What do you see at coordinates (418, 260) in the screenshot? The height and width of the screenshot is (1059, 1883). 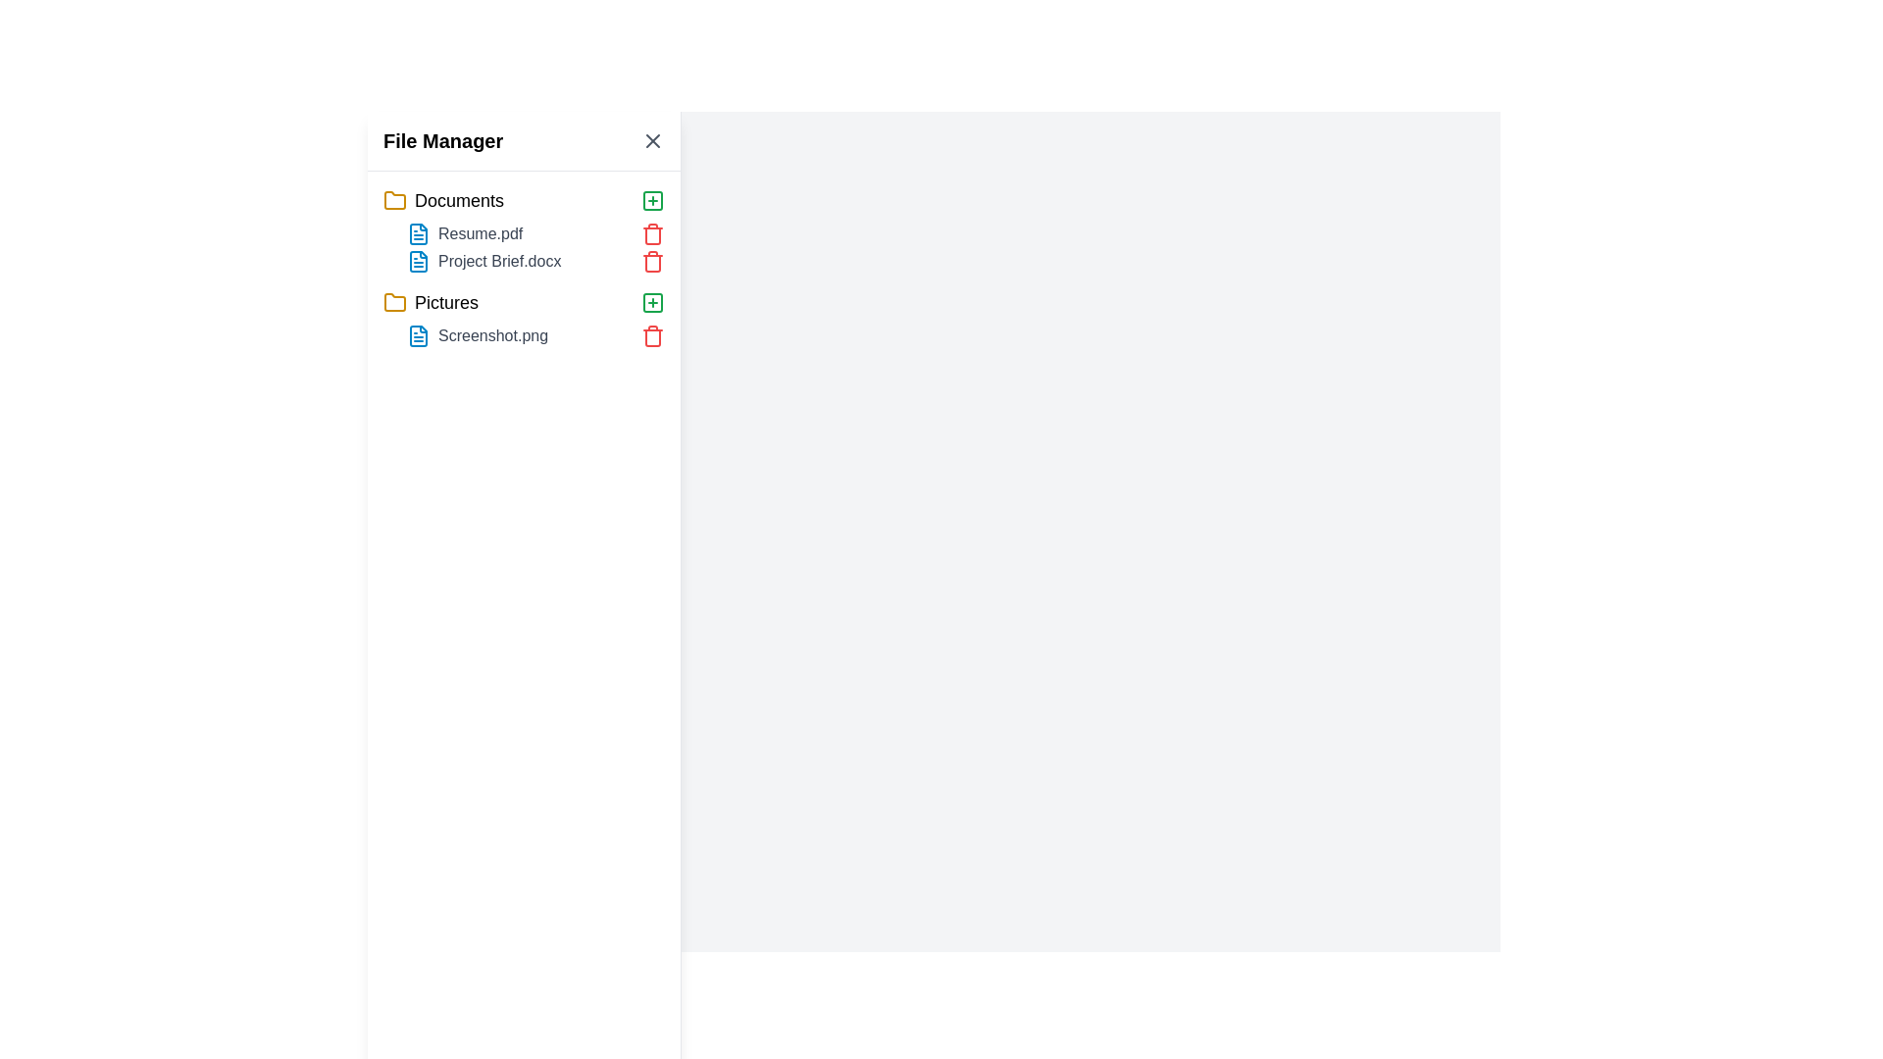 I see `the document file icon labeled 'Project Brief.docx' to trigger a file-related action` at bounding box center [418, 260].